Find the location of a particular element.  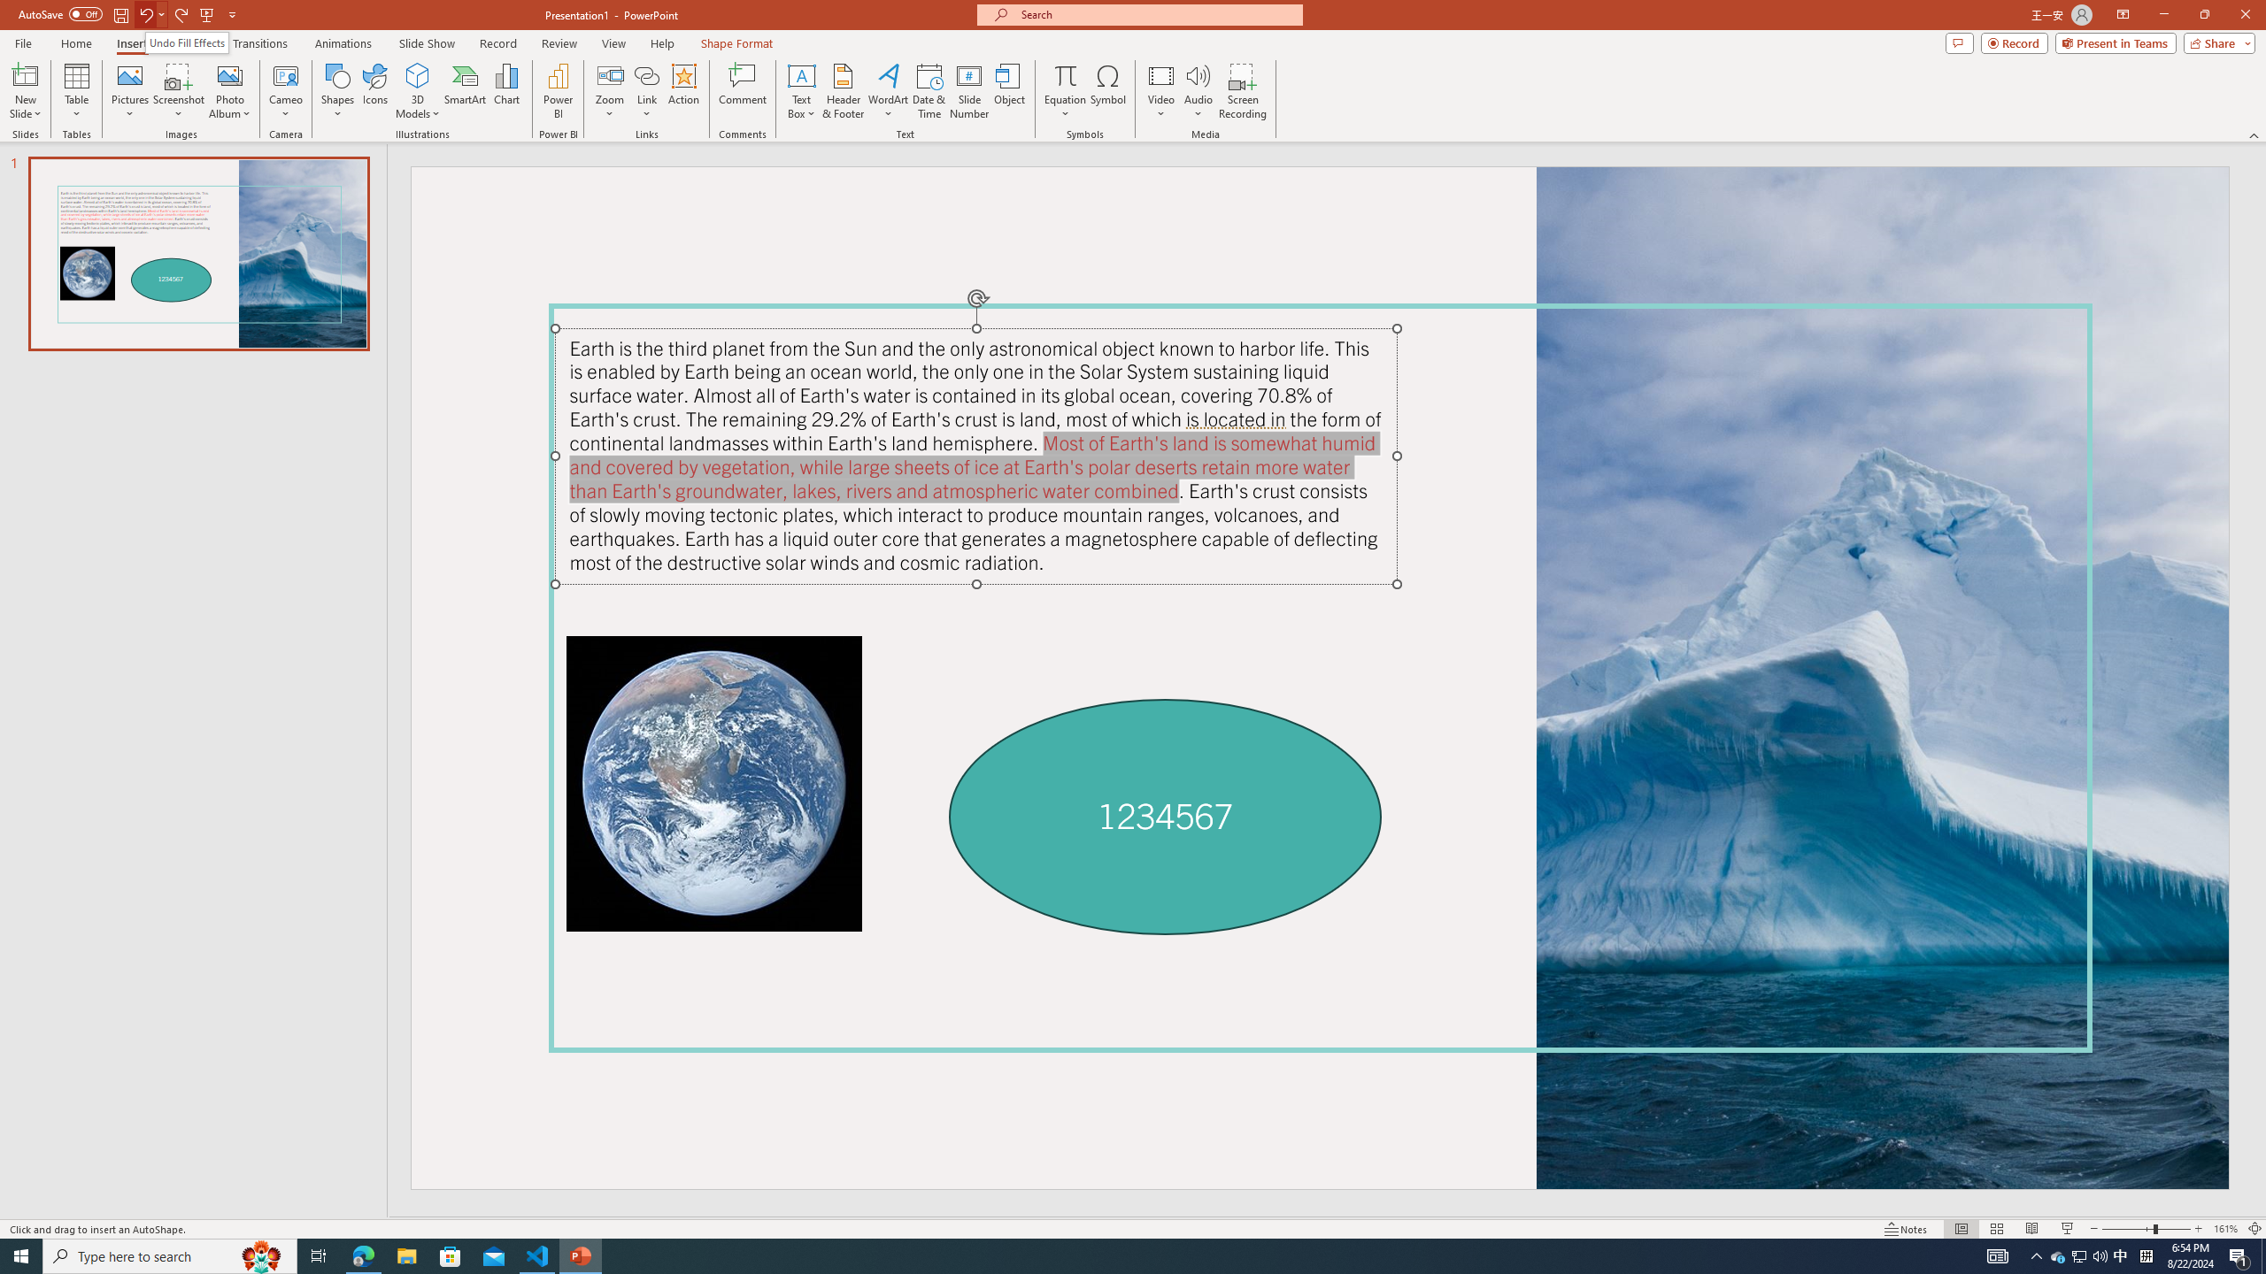

'Power BI' is located at coordinates (559, 91).